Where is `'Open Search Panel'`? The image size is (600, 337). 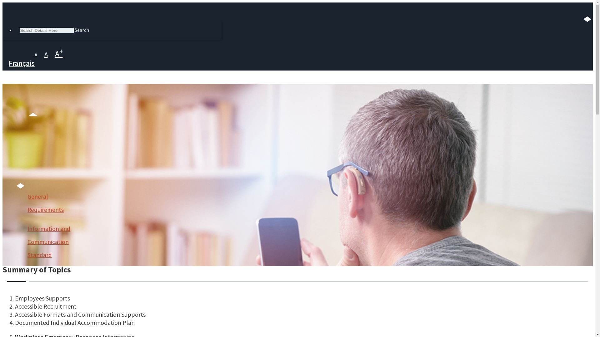 'Open Search Panel' is located at coordinates (6, 8).